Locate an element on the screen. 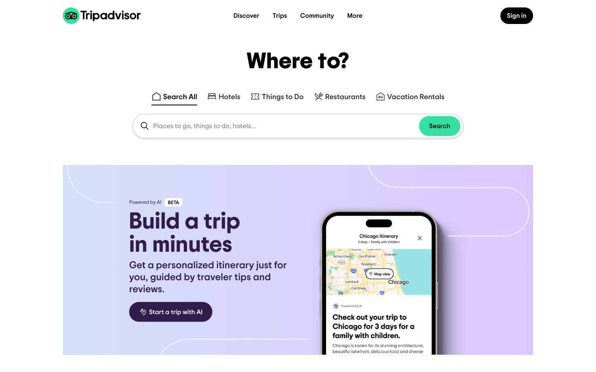  all the Holiday Inn hotels in the software is located at coordinates (223, 93).